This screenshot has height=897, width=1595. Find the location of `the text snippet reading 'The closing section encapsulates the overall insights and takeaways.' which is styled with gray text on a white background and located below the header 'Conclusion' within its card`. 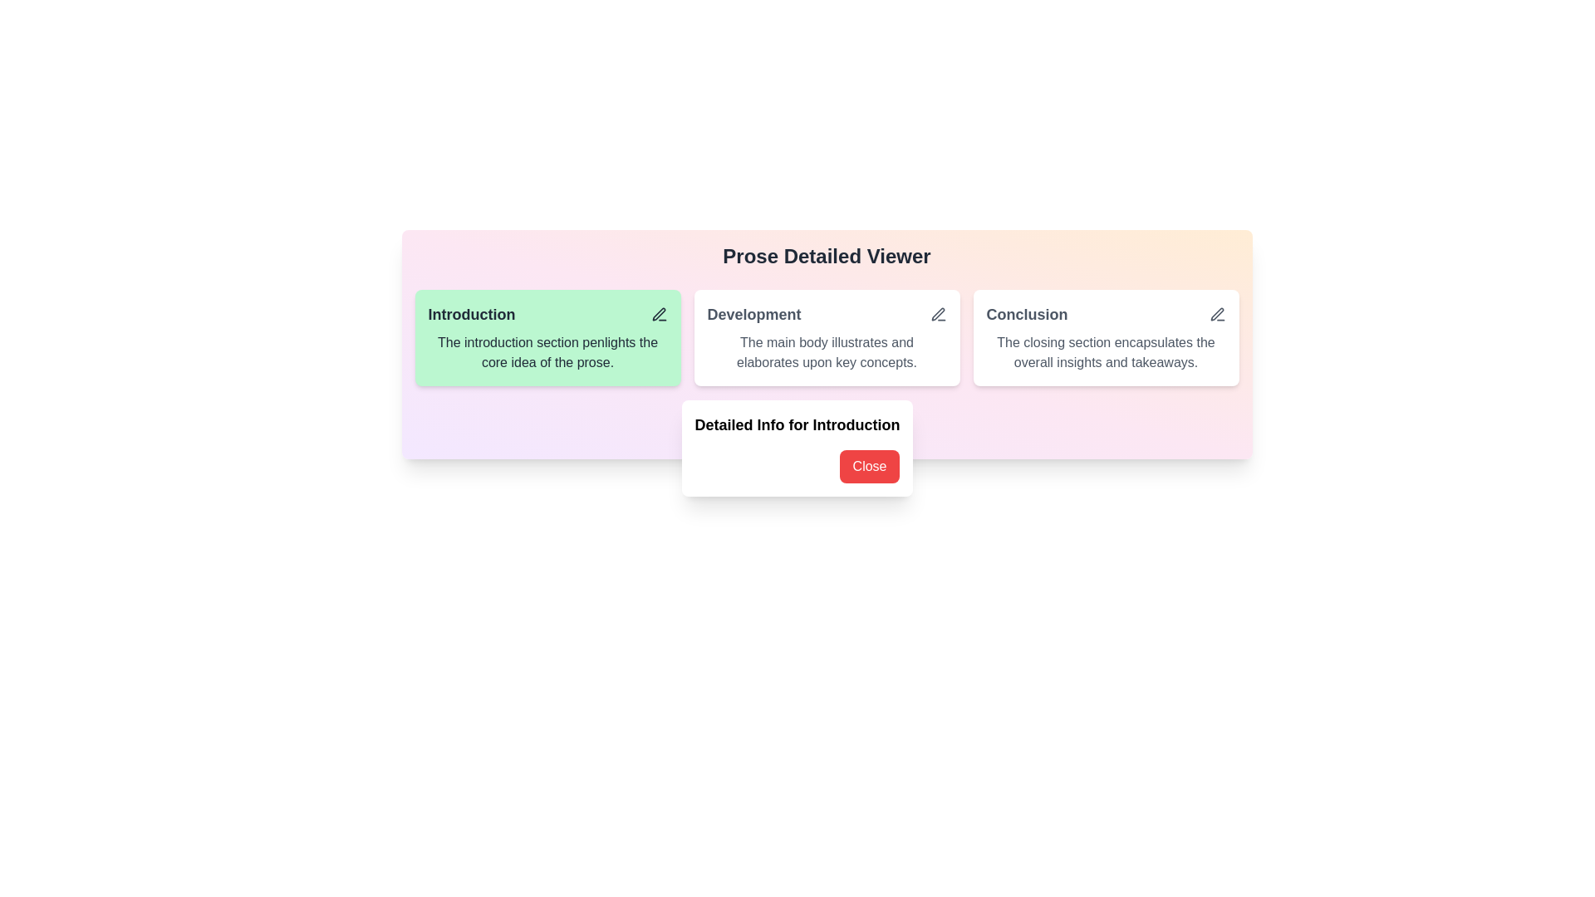

the text snippet reading 'The closing section encapsulates the overall insights and takeaways.' which is styled with gray text on a white background and located below the header 'Conclusion' within its card is located at coordinates (1106, 351).